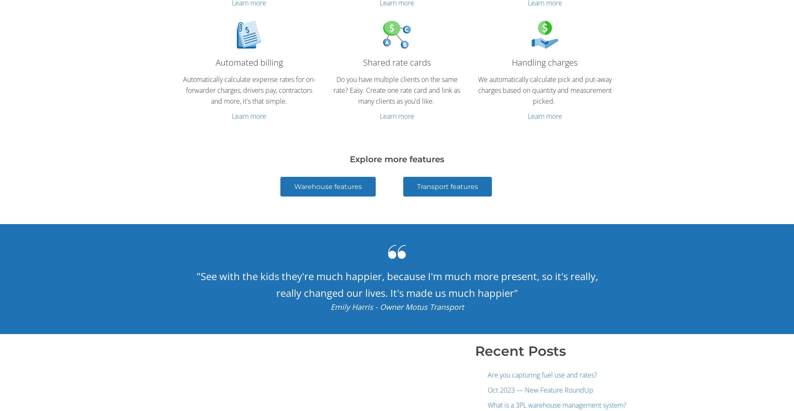  I want to click on 'What is a 3PL warehouse management system?', so click(556, 404).